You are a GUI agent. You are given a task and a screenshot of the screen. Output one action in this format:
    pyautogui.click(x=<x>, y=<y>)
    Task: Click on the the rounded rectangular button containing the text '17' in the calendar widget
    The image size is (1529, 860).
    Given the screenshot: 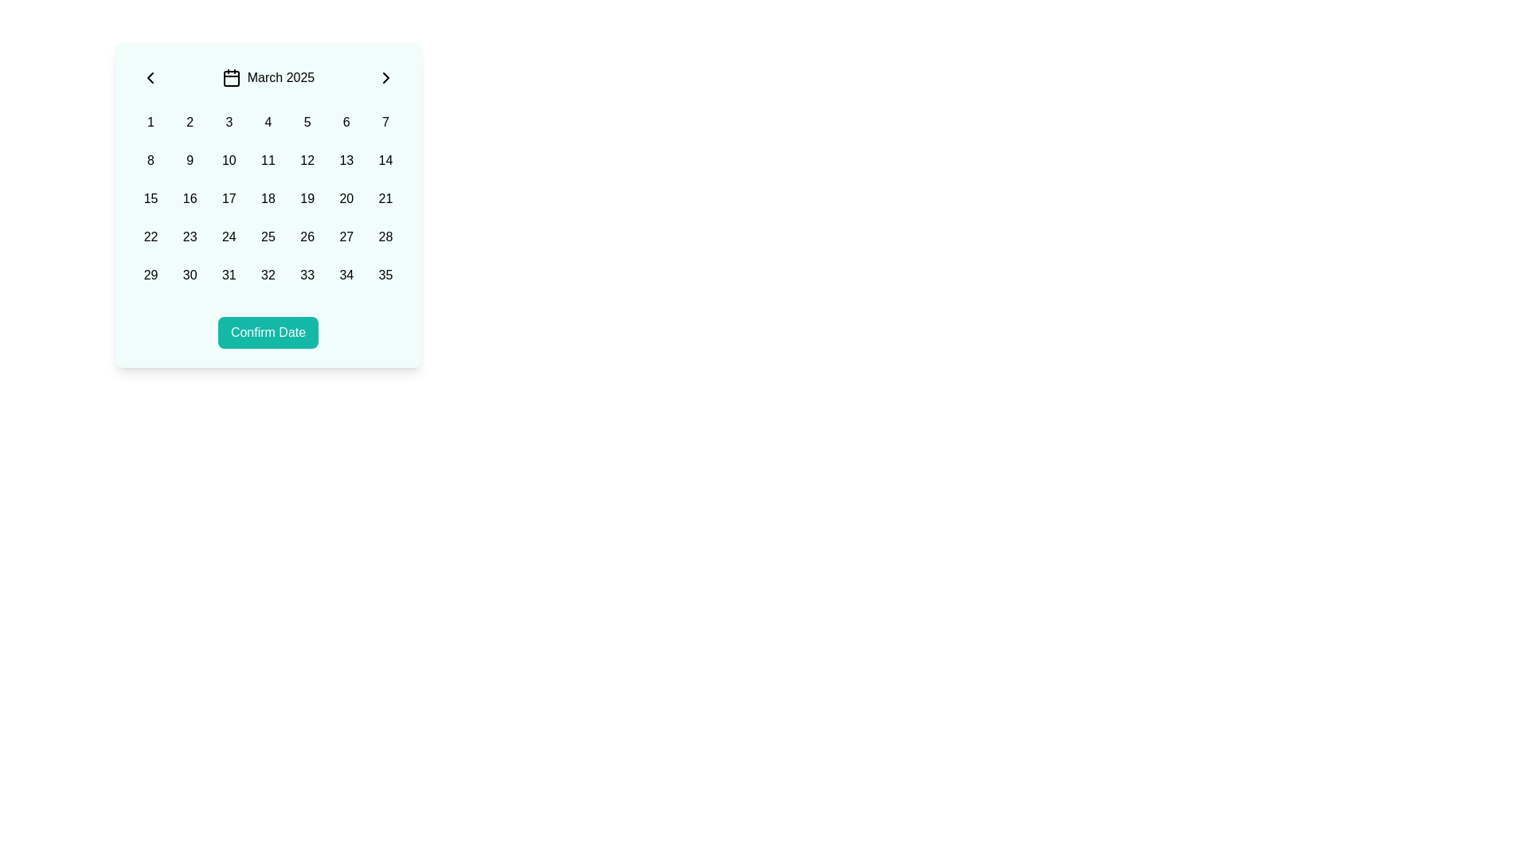 What is the action you would take?
    pyautogui.click(x=228, y=198)
    